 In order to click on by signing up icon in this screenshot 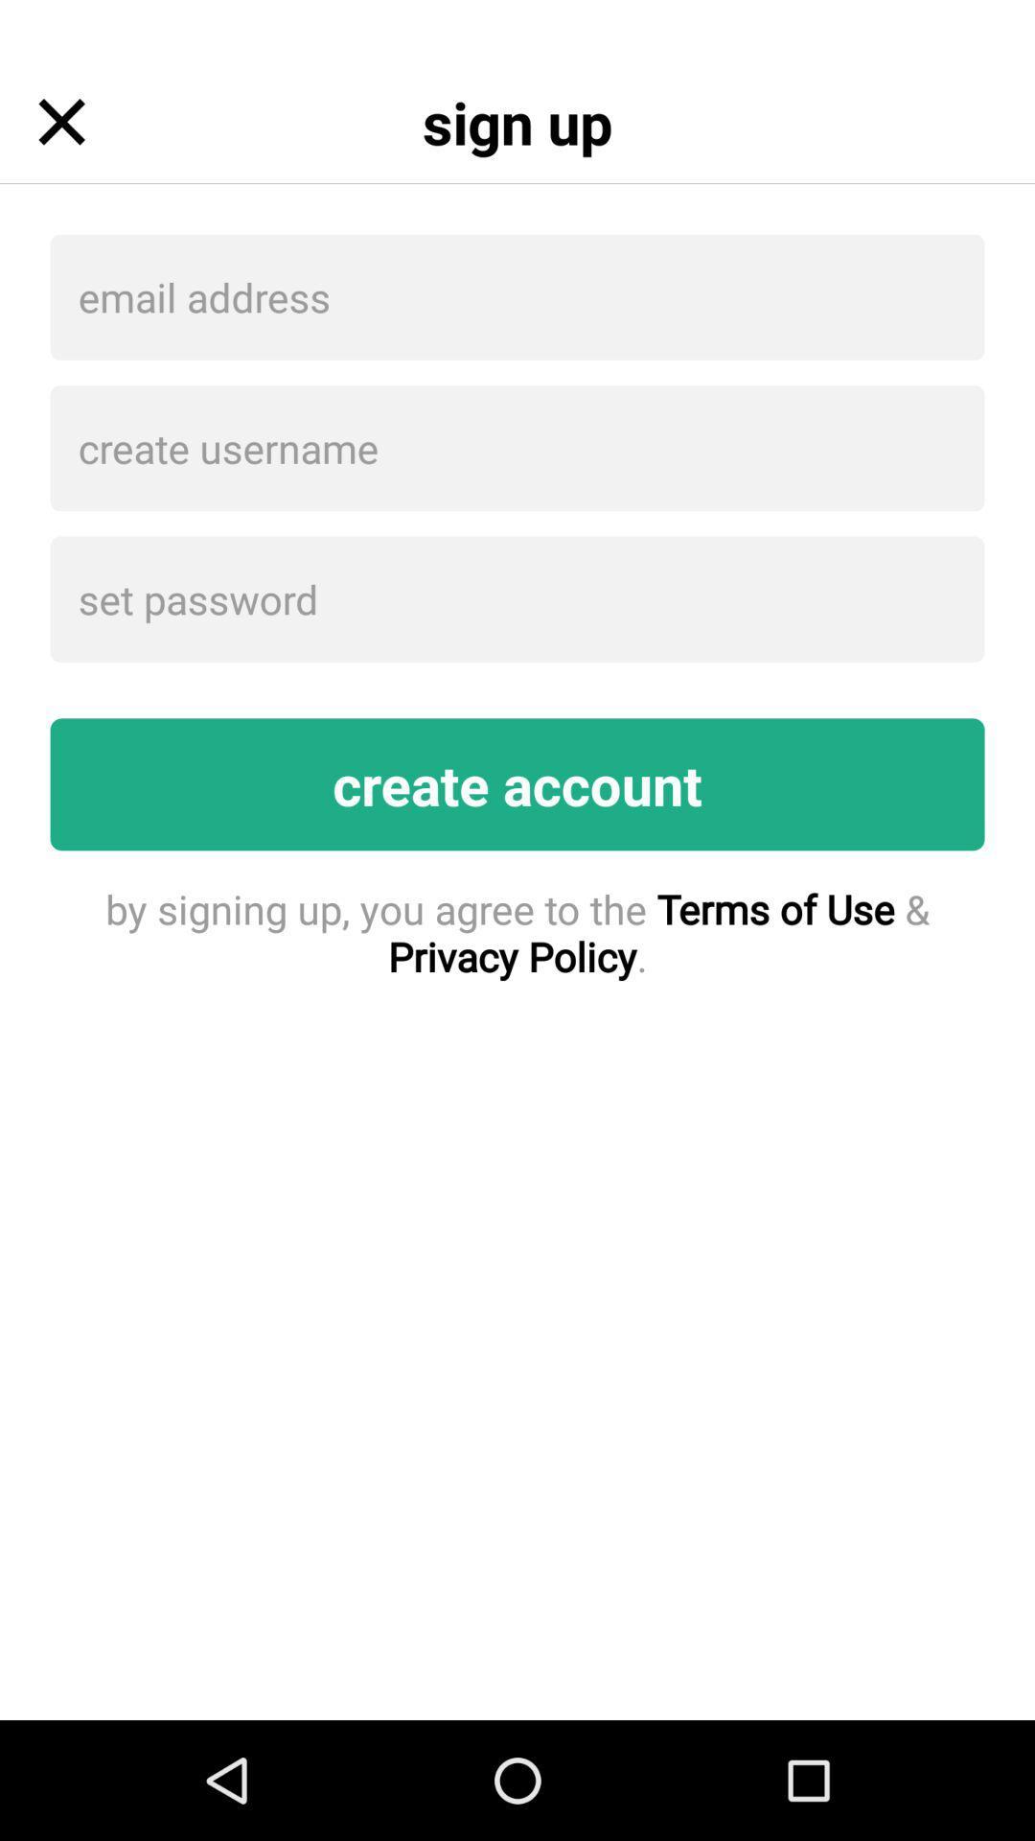, I will do `click(517, 932)`.